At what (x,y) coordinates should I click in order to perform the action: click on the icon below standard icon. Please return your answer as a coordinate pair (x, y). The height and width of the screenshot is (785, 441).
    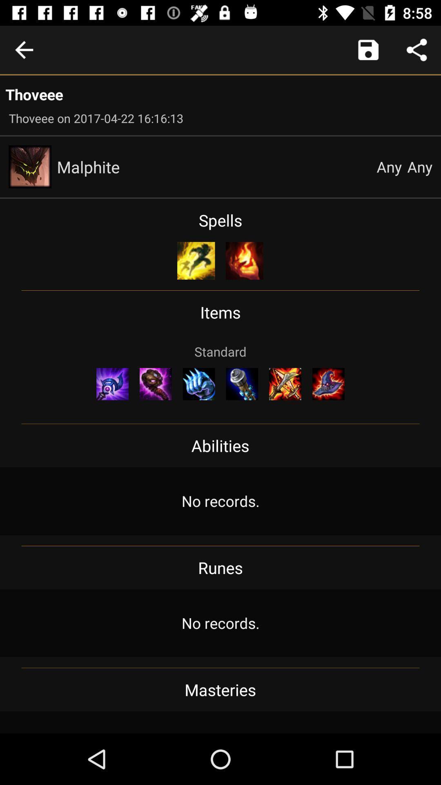
    Looking at the image, I should click on (199, 384).